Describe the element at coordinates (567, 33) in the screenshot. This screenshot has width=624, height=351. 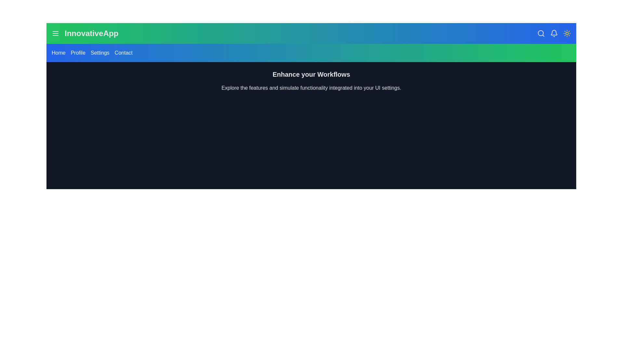
I see `the sun icon to toggle between dark and light modes` at that location.